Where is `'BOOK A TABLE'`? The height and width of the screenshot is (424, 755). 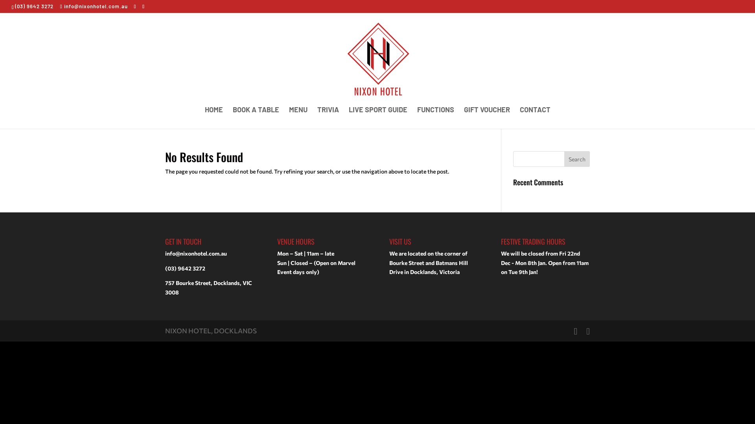
'BOOK A TABLE' is located at coordinates (232, 118).